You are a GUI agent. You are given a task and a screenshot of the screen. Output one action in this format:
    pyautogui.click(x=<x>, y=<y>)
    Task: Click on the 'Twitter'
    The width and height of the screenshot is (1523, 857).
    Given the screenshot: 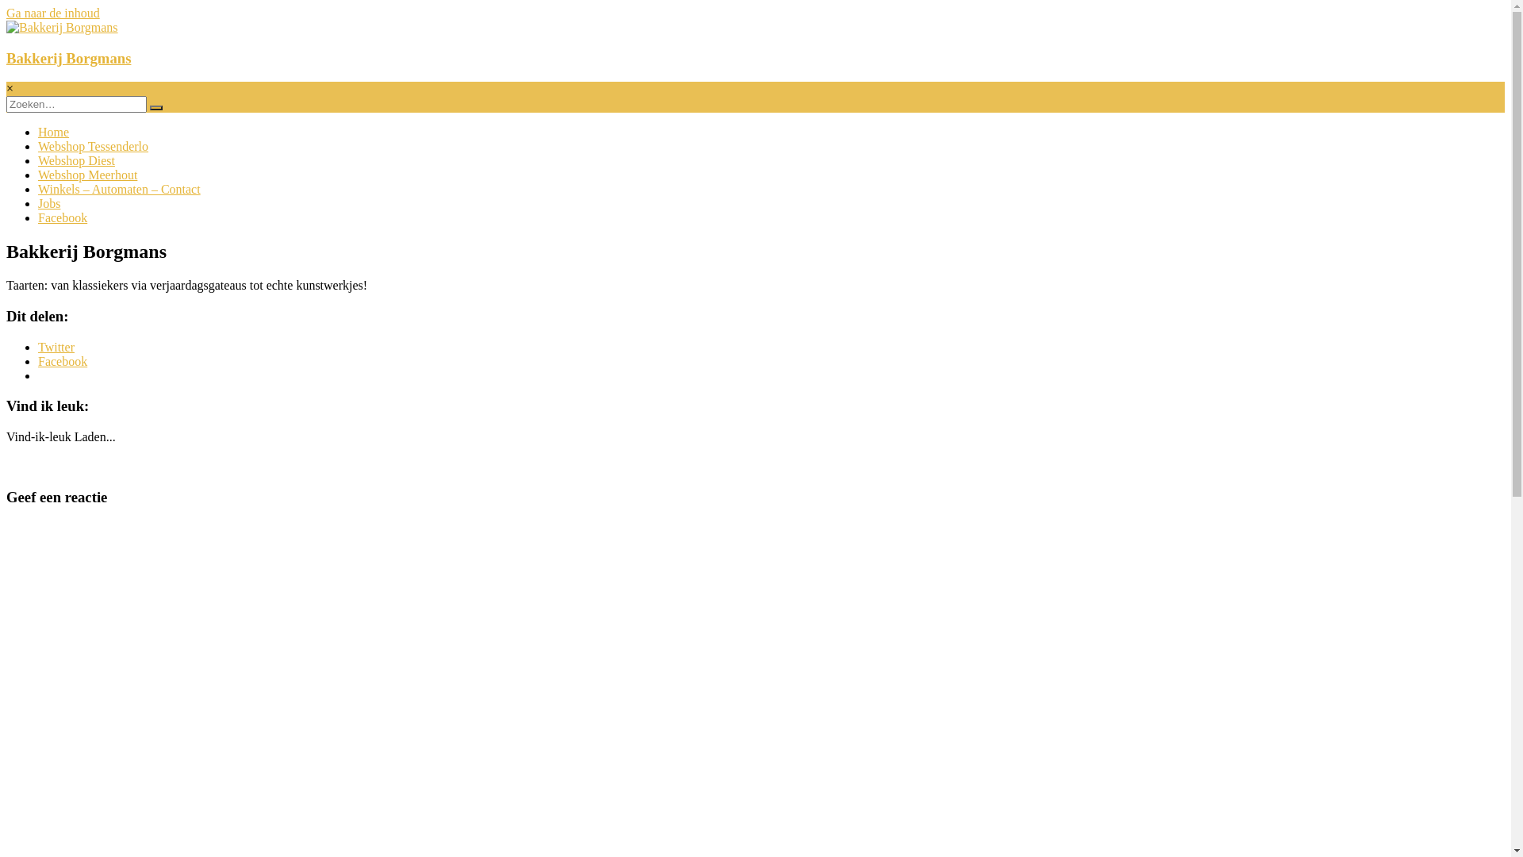 What is the action you would take?
    pyautogui.click(x=38, y=346)
    